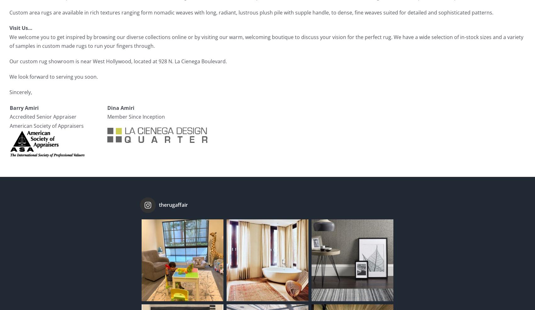  I want to click on 'Member Since Inception', so click(136, 116).